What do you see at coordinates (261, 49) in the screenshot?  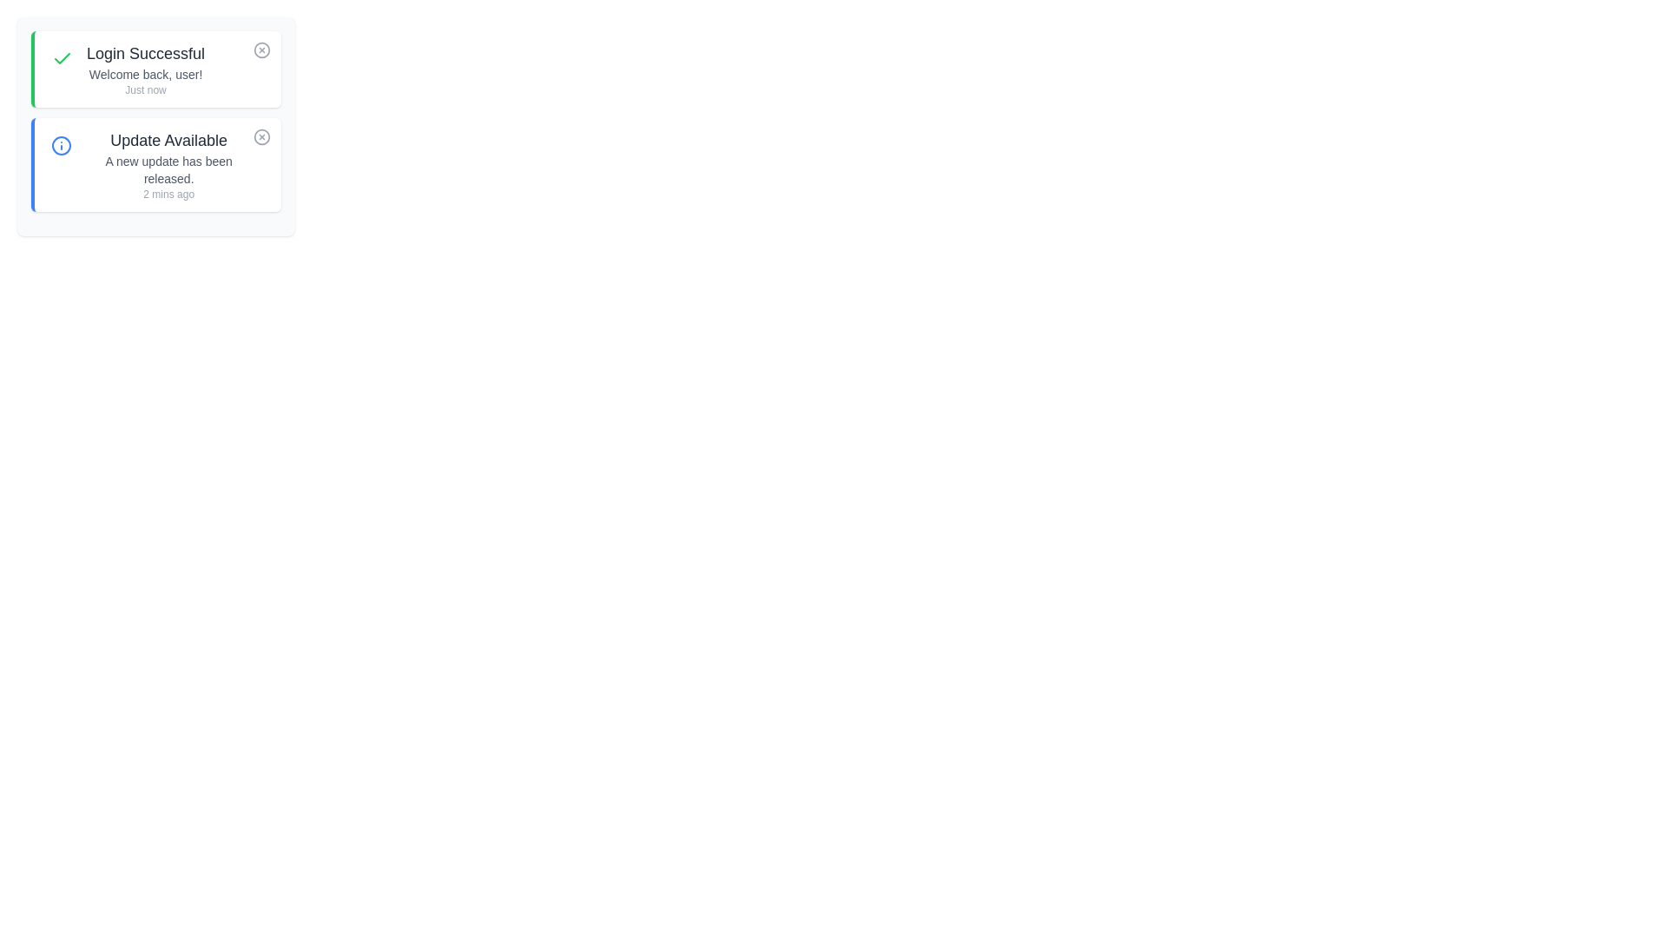 I see `the close button with a central 'X' symbol located in the top-right corner of the 'Login Successful' notification card` at bounding box center [261, 49].